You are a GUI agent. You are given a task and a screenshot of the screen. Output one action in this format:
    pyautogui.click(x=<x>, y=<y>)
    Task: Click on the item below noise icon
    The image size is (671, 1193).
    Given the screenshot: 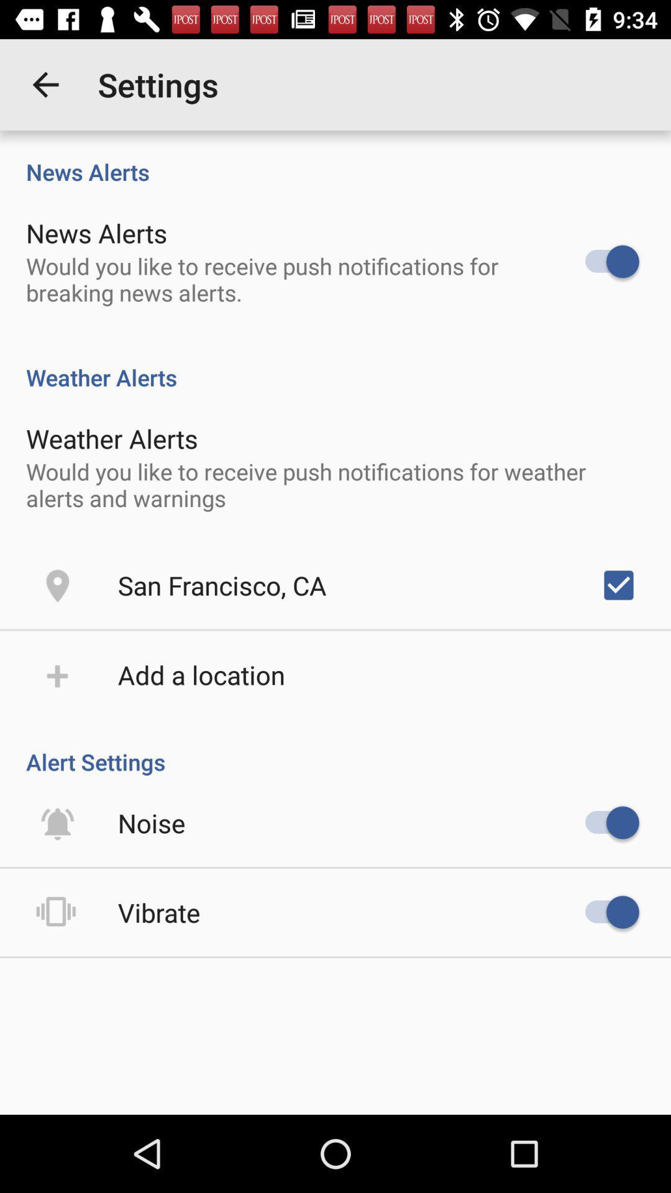 What is the action you would take?
    pyautogui.click(x=158, y=912)
    